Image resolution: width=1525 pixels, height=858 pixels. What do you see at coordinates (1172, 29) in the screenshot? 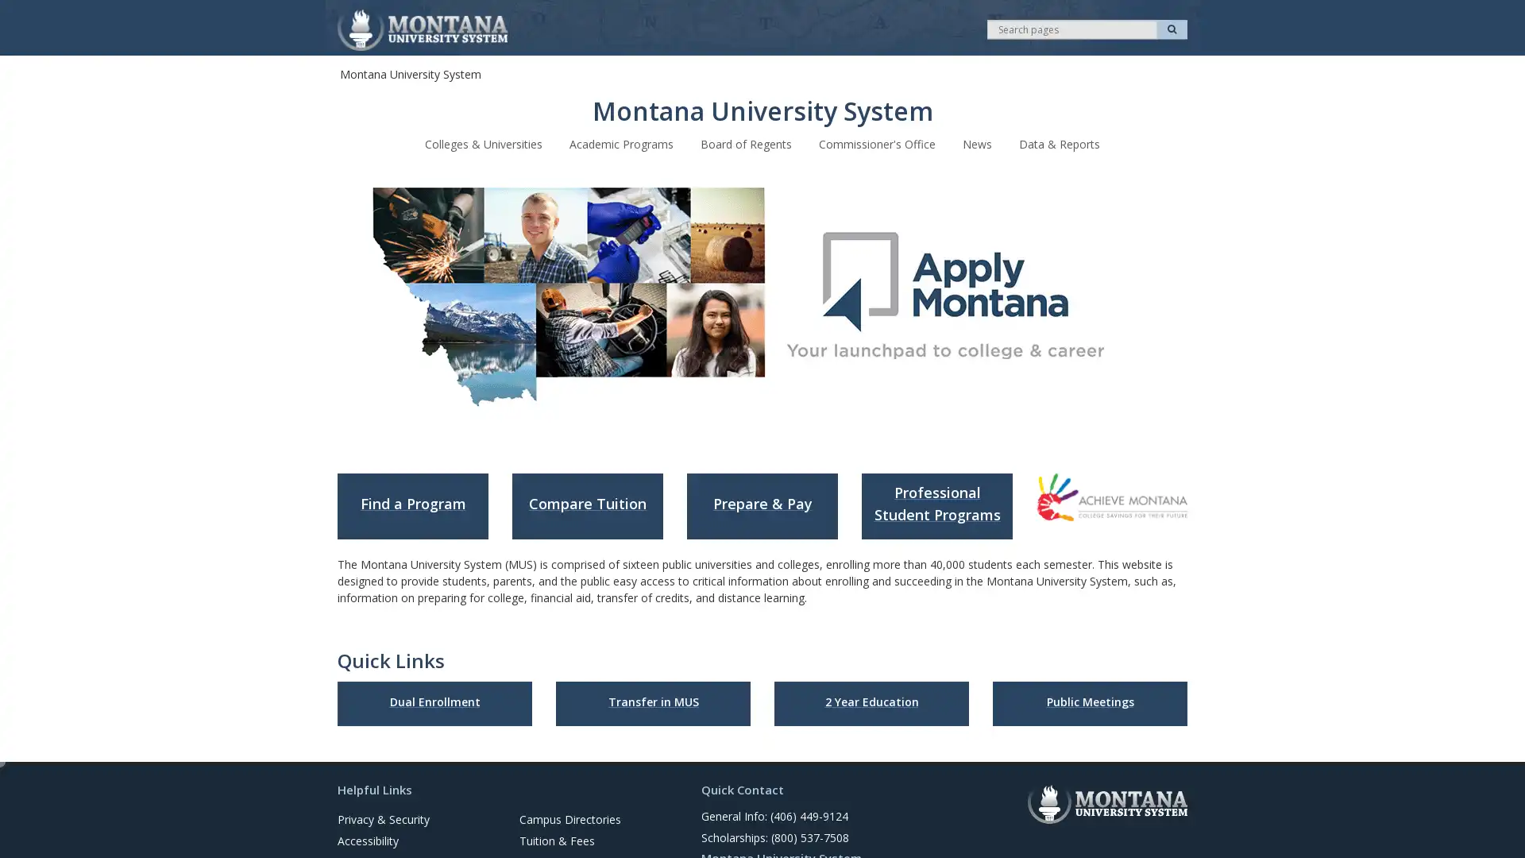
I see `Search` at bounding box center [1172, 29].